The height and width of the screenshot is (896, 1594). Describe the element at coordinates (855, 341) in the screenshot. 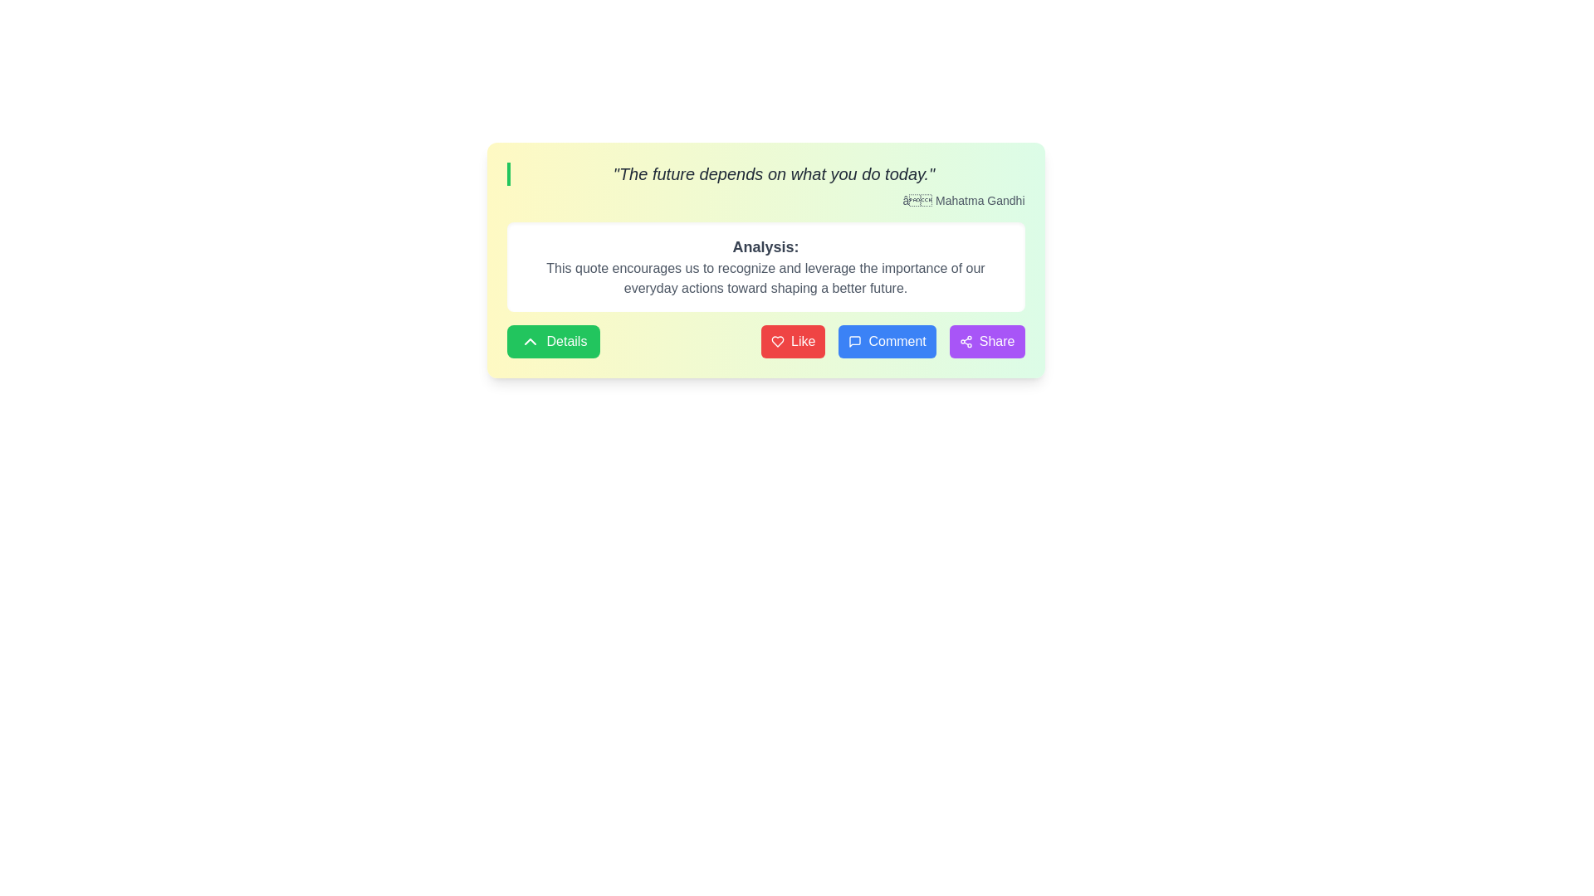

I see `the 'Comment' button icon, which is a visual aid for initiating a comment or message-related action, located to the left of the text 'Comment'` at that location.